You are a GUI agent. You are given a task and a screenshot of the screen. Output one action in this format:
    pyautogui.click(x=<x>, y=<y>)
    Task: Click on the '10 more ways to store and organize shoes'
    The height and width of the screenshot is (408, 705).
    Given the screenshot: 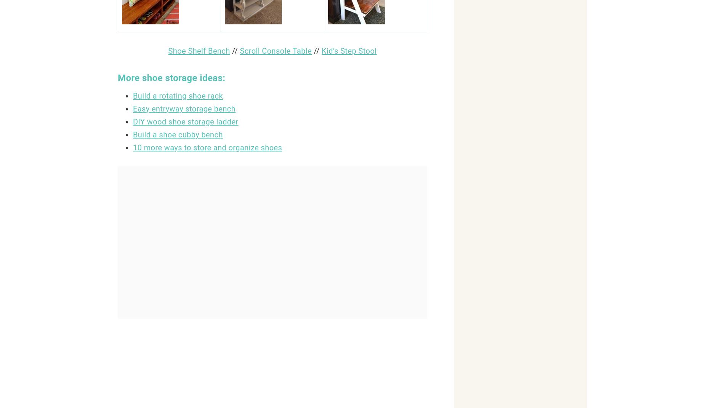 What is the action you would take?
    pyautogui.click(x=207, y=147)
    